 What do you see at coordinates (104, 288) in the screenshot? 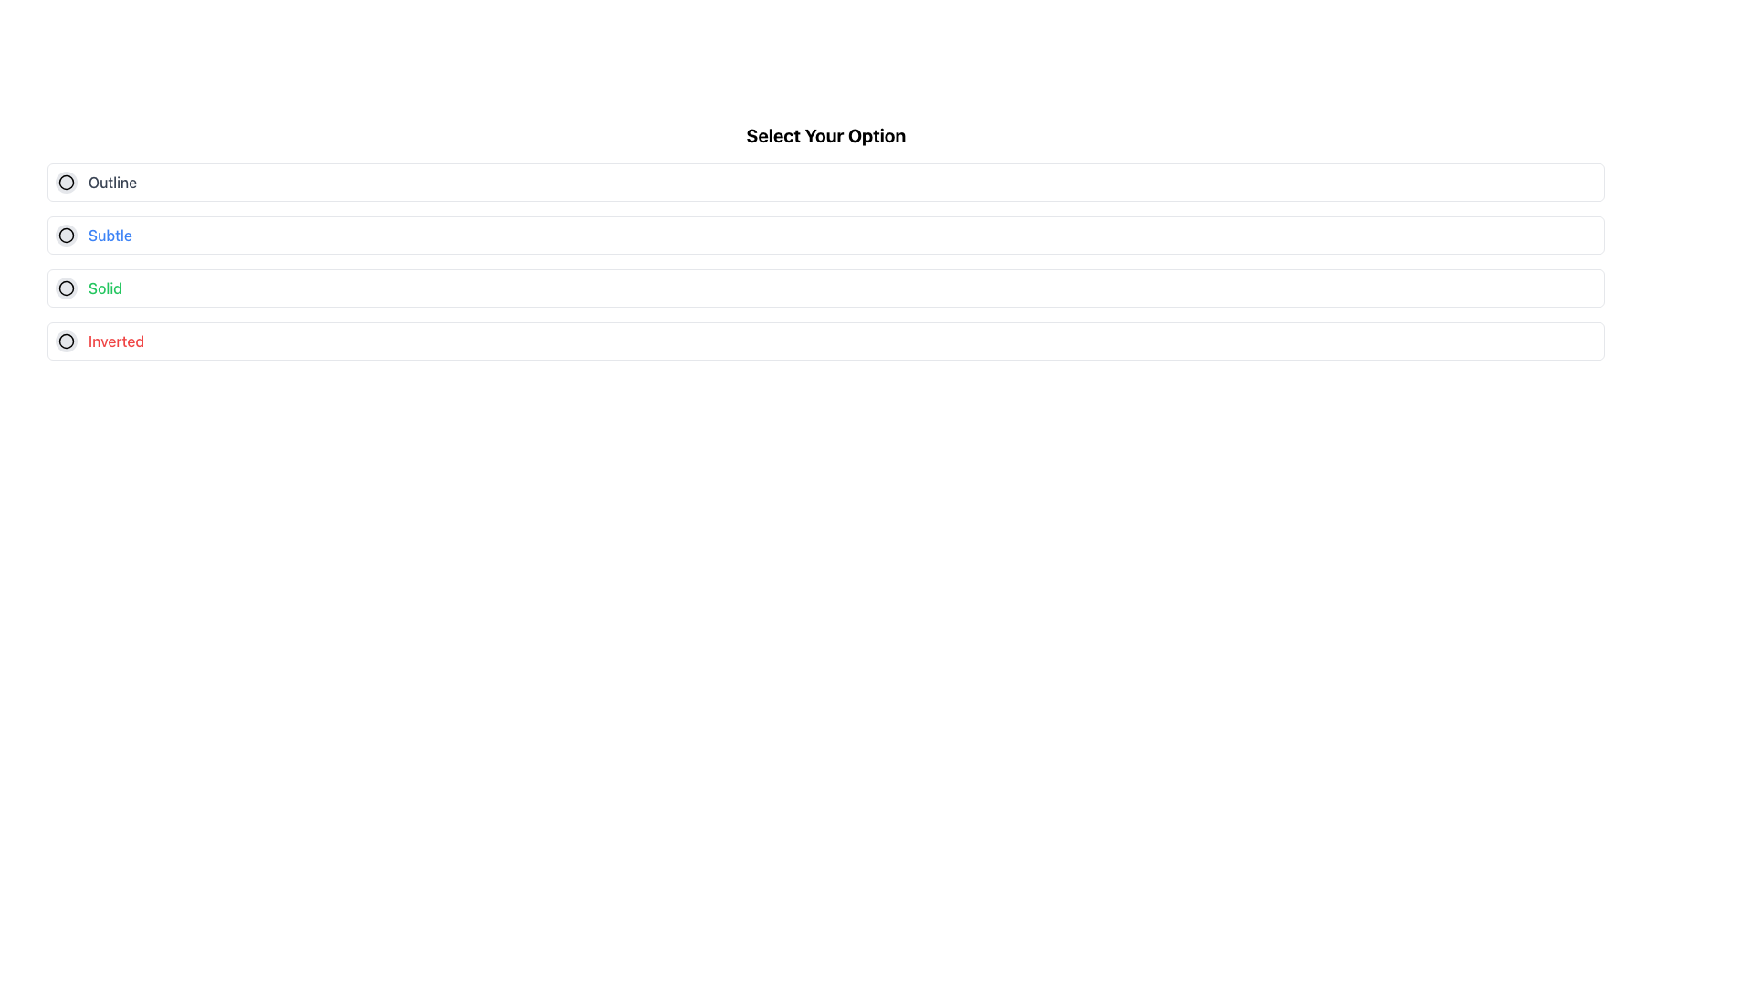
I see `the text label displaying 'Solid' which is styled in green color and bold font, located in the third position of the selectable options list` at bounding box center [104, 288].